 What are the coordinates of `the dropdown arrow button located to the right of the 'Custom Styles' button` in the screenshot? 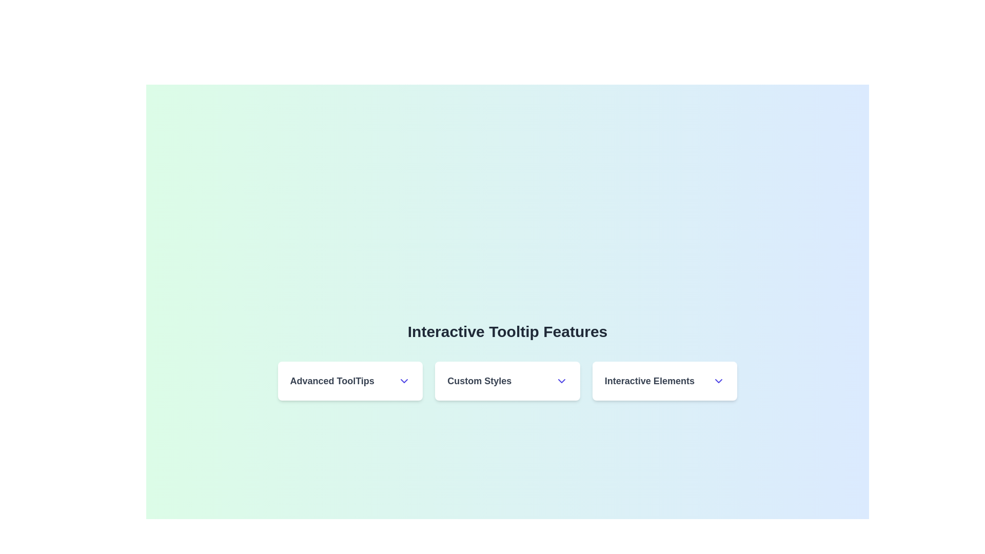 It's located at (665, 381).